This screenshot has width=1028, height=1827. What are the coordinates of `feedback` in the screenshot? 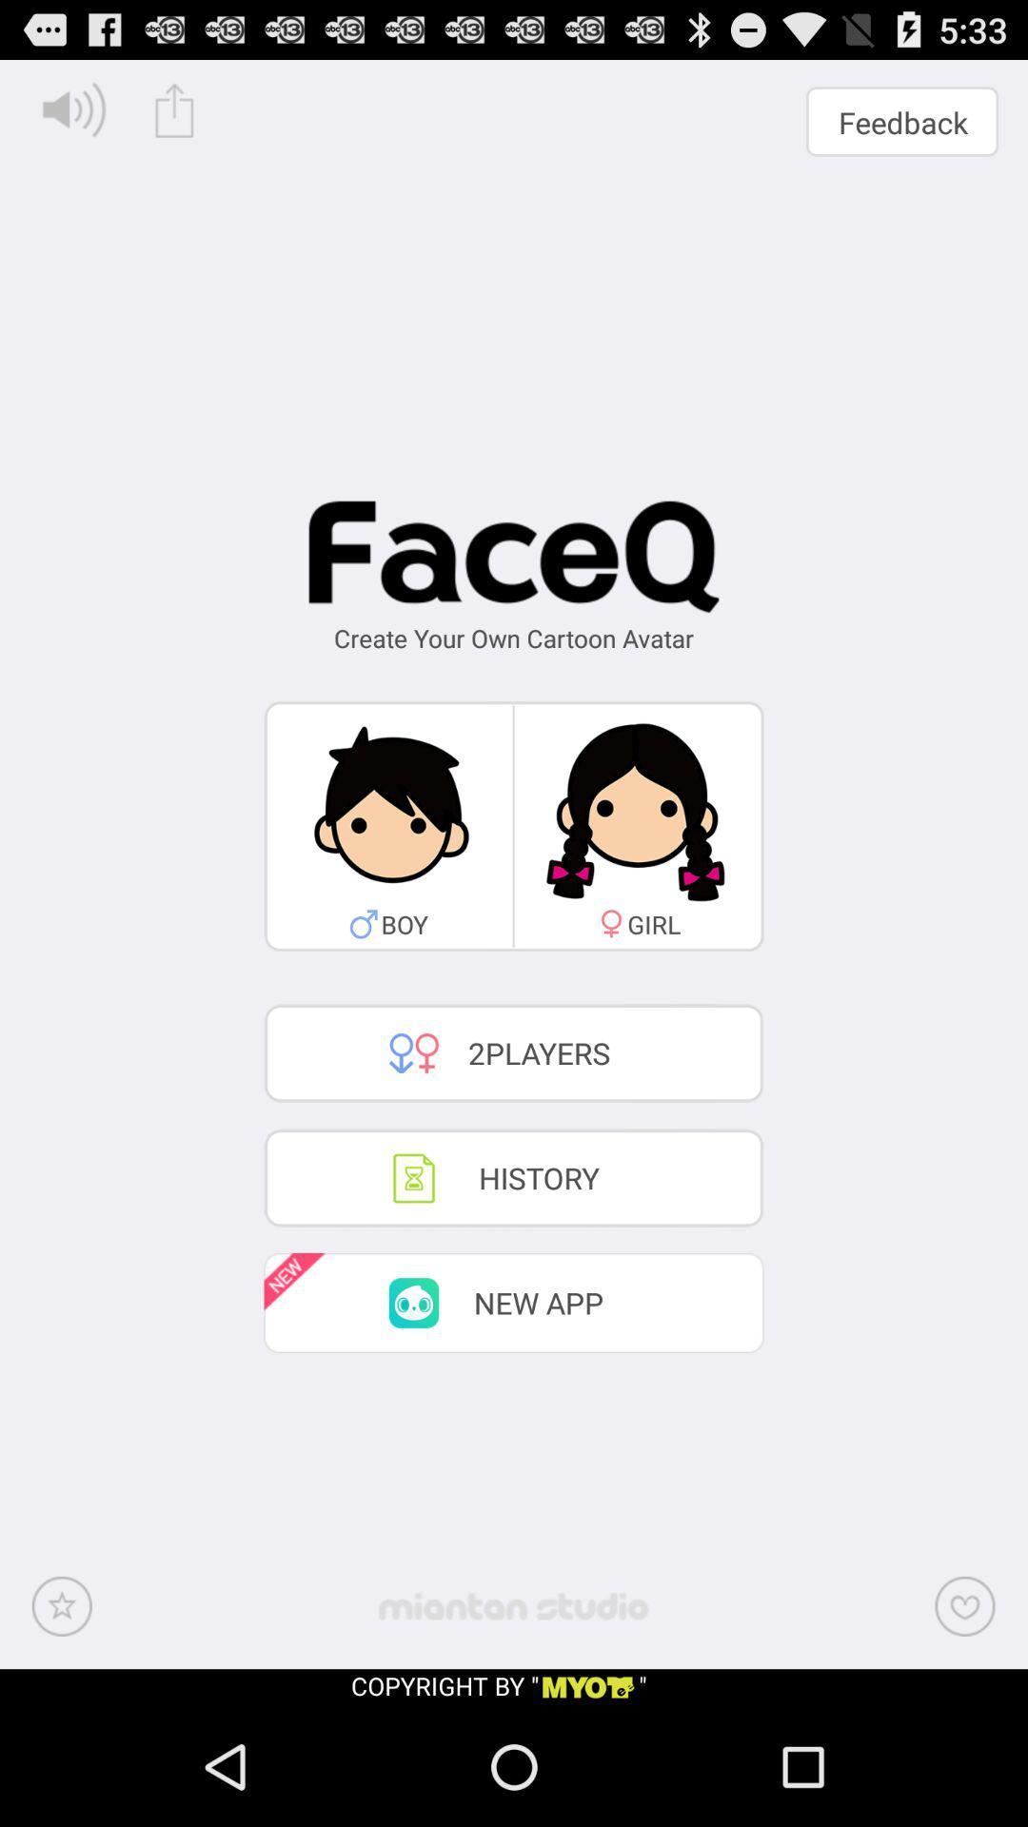 It's located at (901, 121).